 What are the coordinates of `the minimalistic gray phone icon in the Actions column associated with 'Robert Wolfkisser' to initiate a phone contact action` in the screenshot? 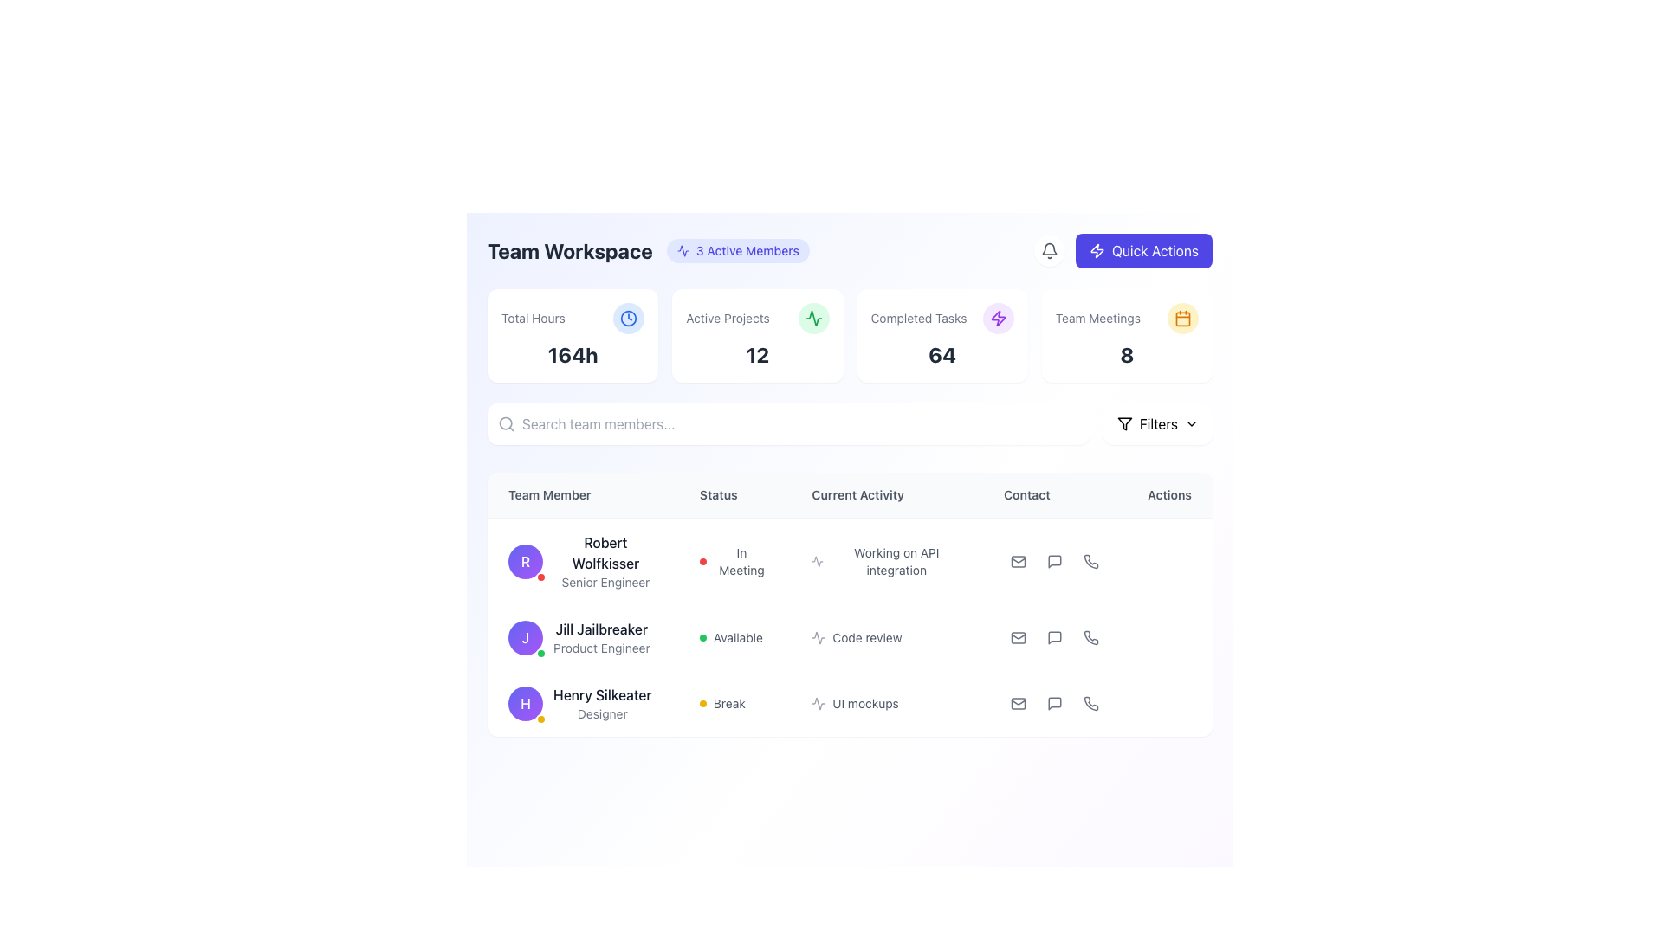 It's located at (1090, 561).